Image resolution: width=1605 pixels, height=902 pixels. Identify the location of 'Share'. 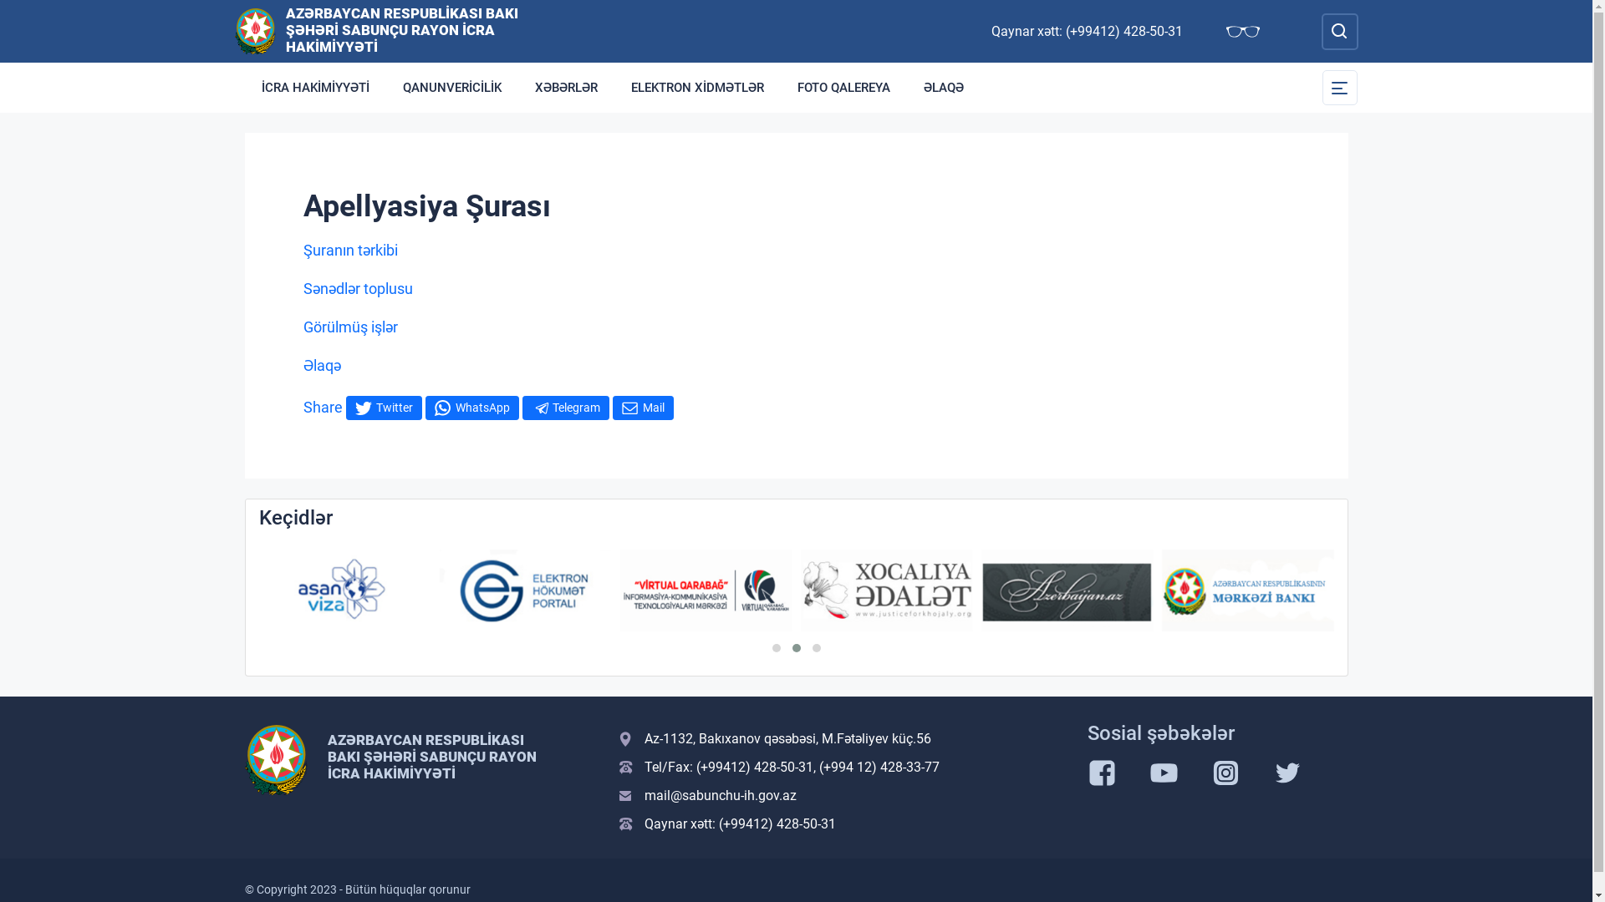
(302, 406).